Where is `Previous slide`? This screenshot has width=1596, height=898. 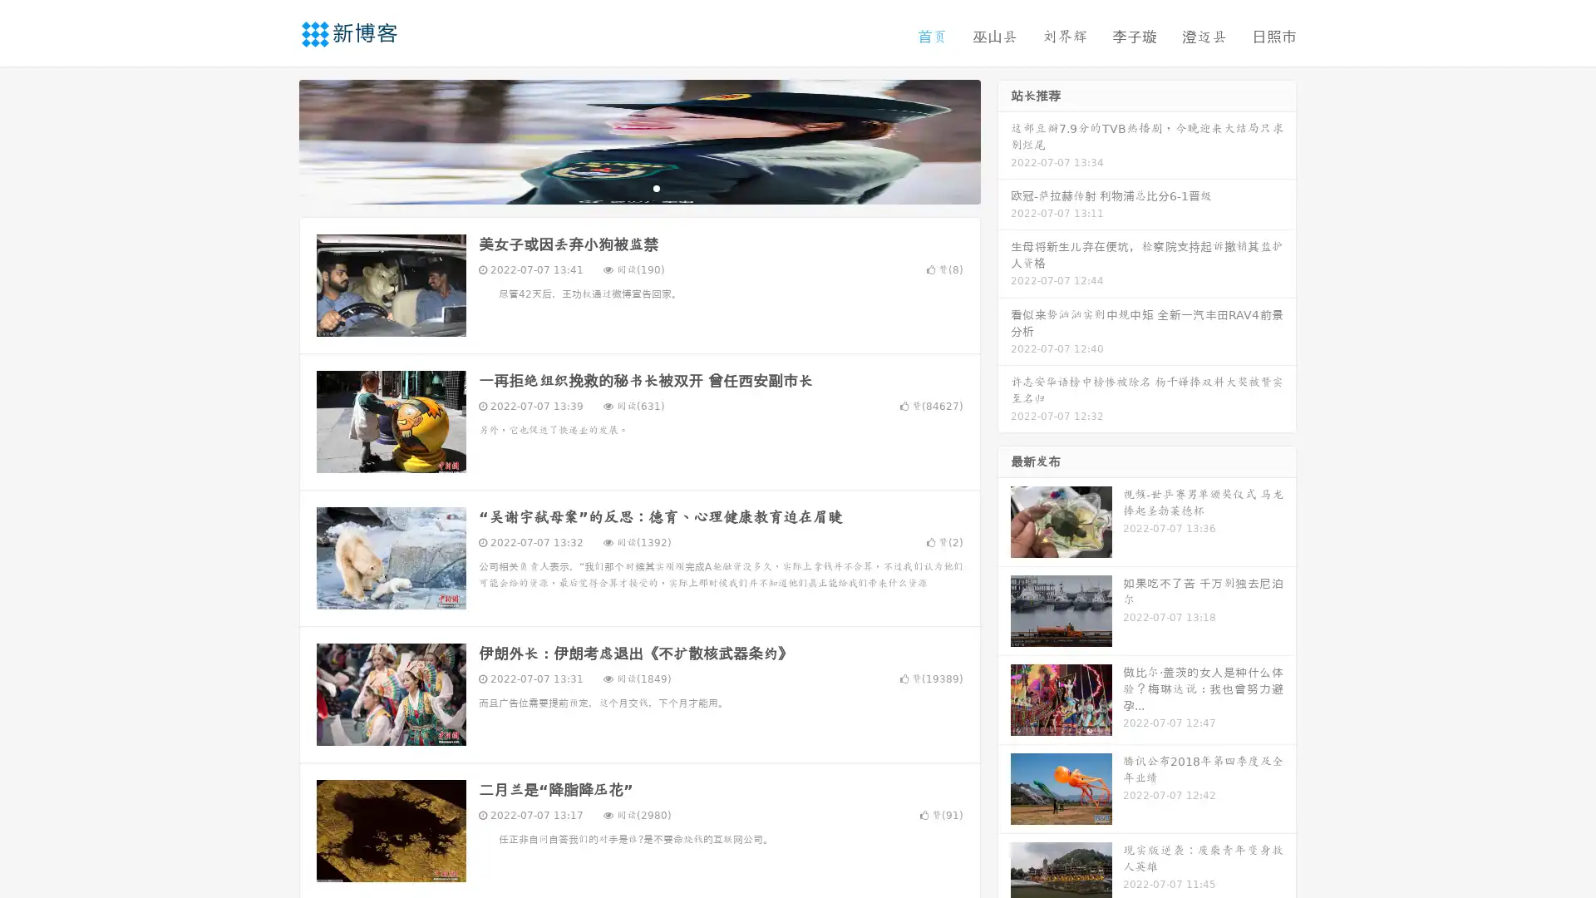
Previous slide is located at coordinates (274, 140).